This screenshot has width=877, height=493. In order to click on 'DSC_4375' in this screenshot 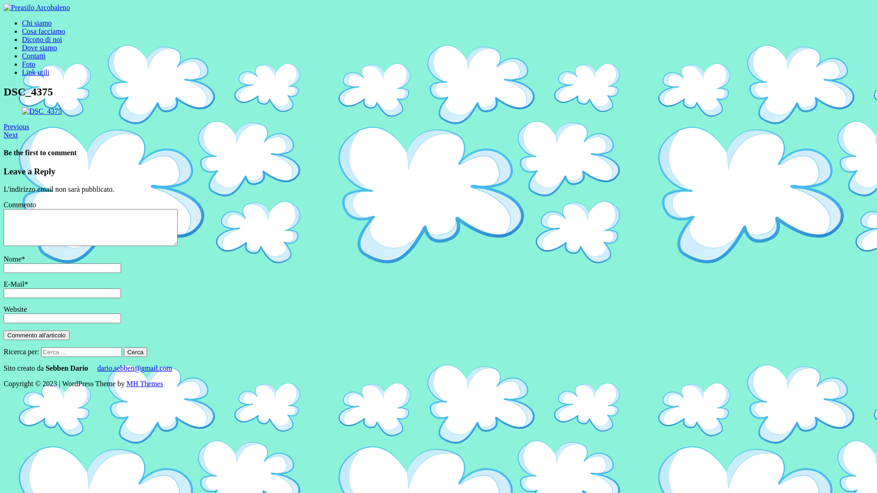, I will do `click(22, 110)`.